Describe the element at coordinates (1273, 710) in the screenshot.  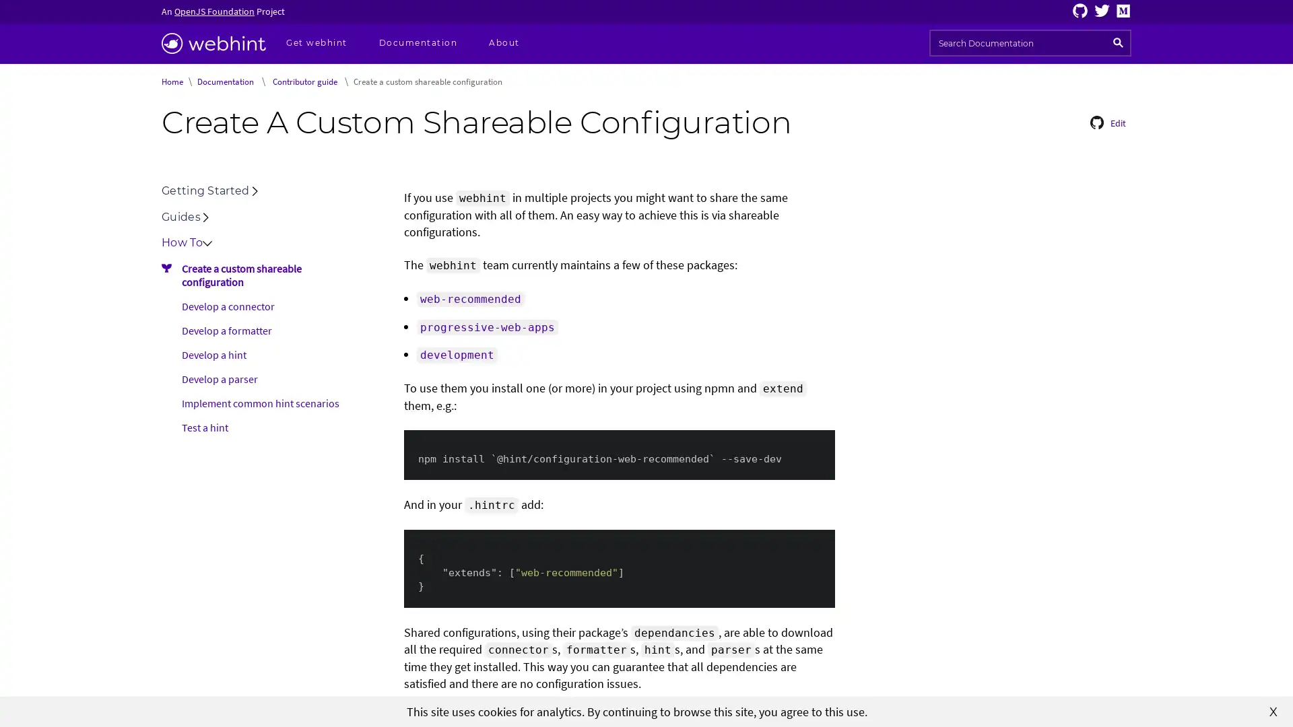
I see `close` at that location.